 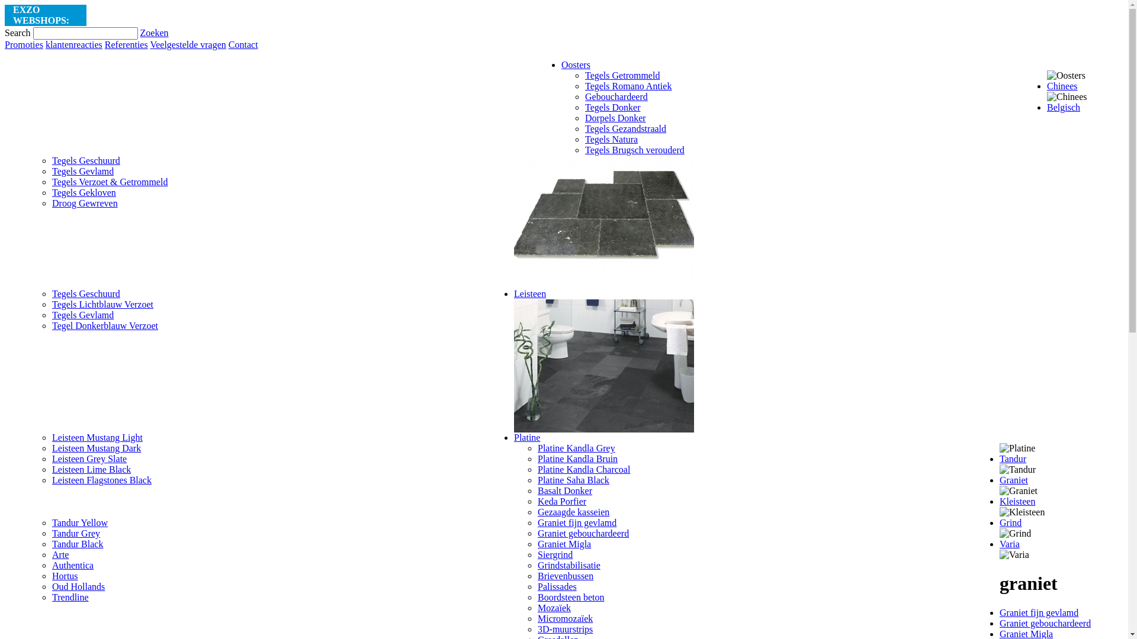 What do you see at coordinates (97, 437) in the screenshot?
I see `'Leisteen Mustang Light'` at bounding box center [97, 437].